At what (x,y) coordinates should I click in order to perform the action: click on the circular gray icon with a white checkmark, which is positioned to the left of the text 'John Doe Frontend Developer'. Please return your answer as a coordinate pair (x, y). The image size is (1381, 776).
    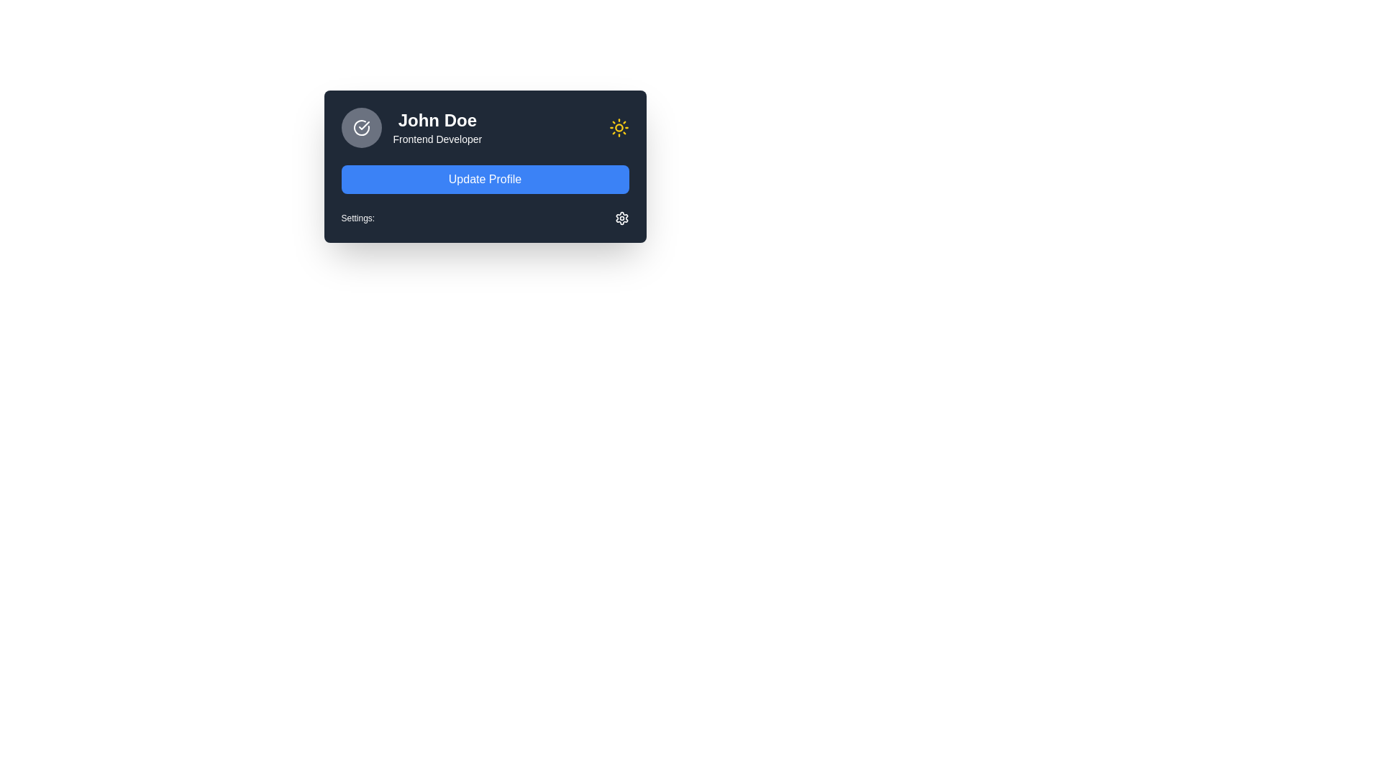
    Looking at the image, I should click on (361, 126).